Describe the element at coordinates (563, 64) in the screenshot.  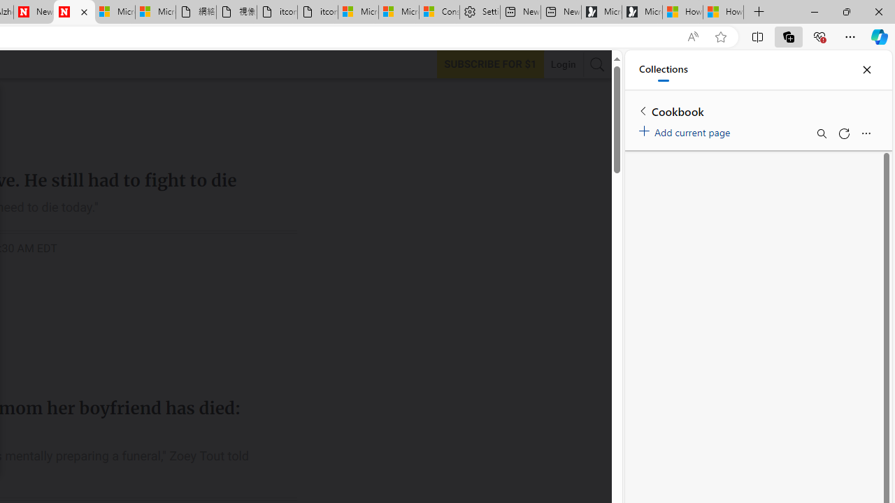
I see `'Login'` at that location.